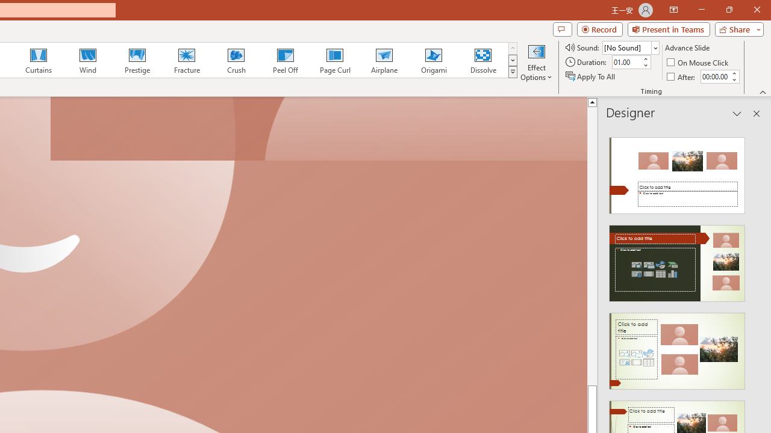  Describe the element at coordinates (756, 114) in the screenshot. I see `'Close pane'` at that location.